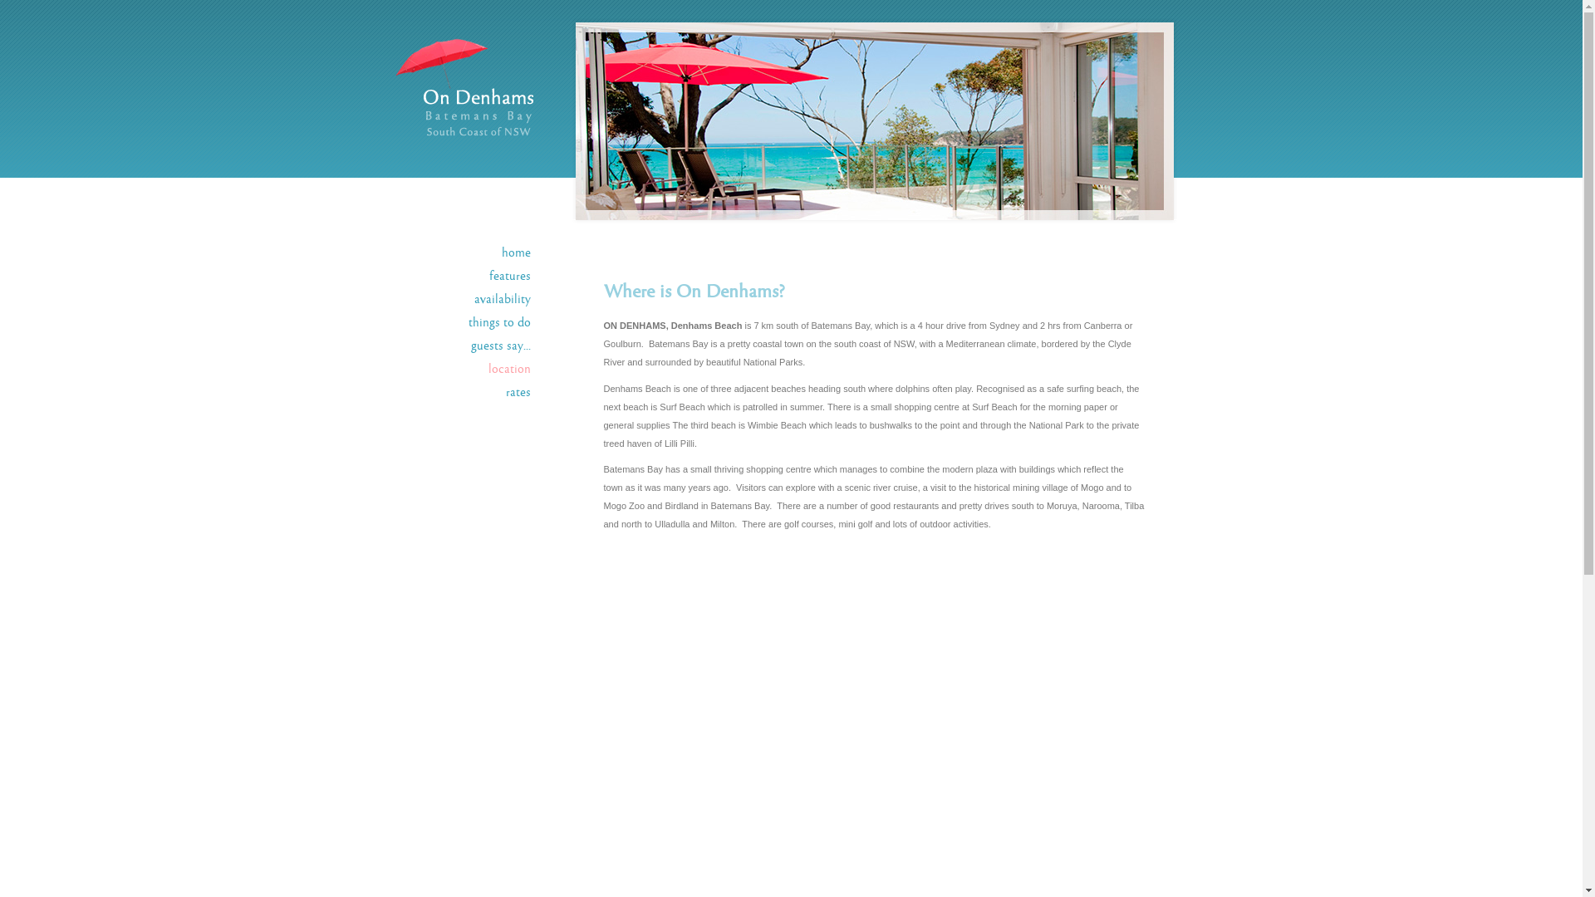  Describe the element at coordinates (508, 275) in the screenshot. I see `'features'` at that location.